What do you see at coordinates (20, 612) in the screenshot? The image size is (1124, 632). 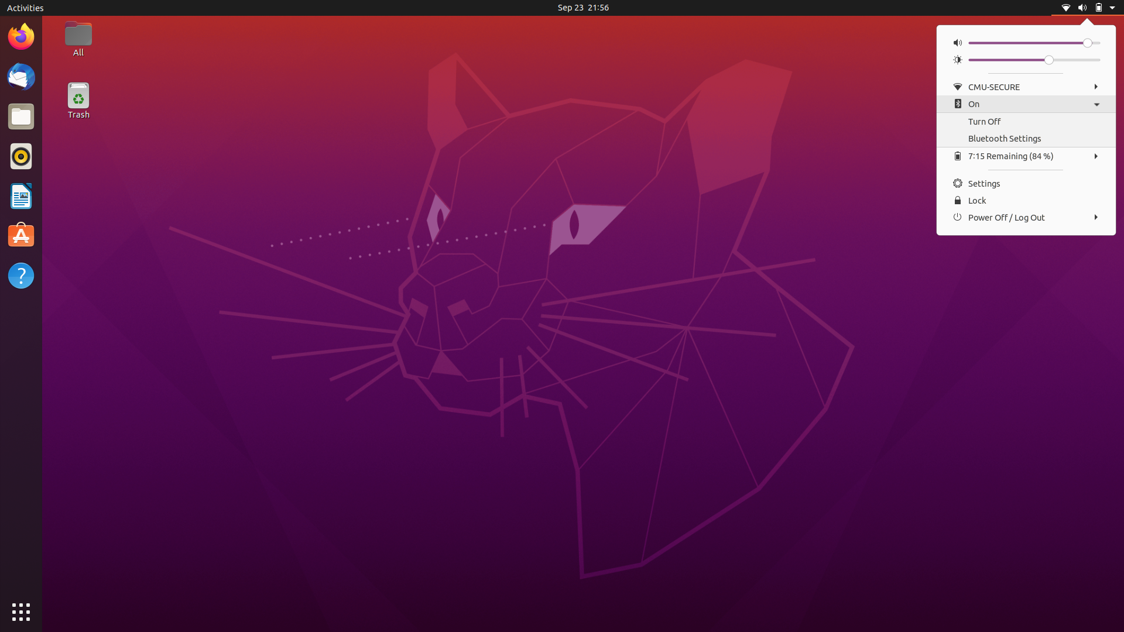 I see `All Apps` at bounding box center [20, 612].